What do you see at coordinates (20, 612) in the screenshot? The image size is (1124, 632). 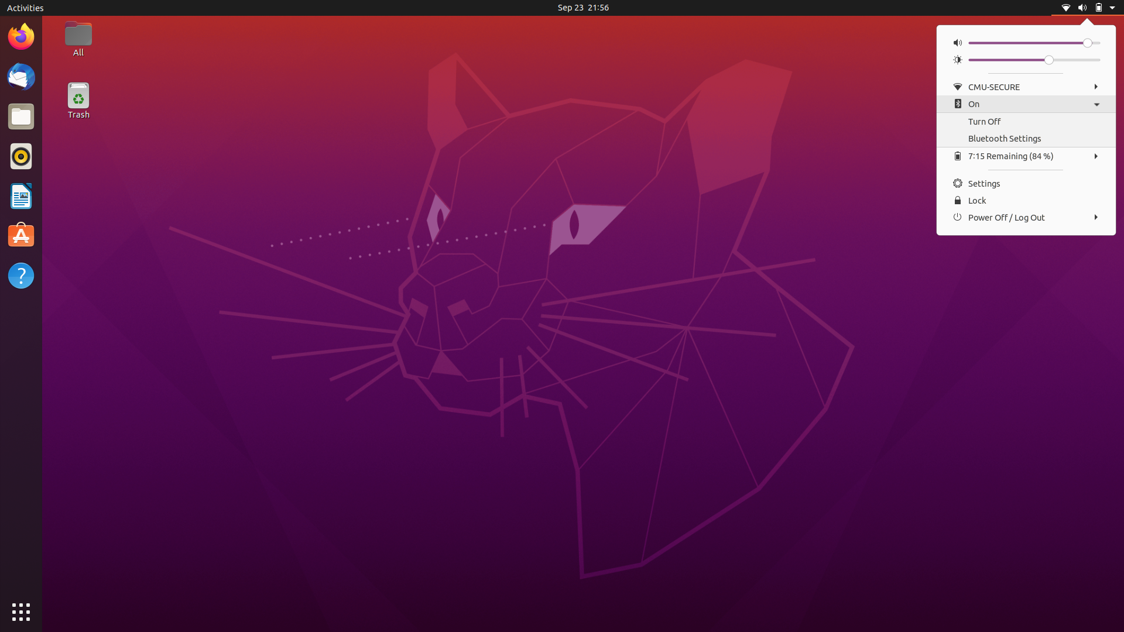 I see `All Apps` at bounding box center [20, 612].